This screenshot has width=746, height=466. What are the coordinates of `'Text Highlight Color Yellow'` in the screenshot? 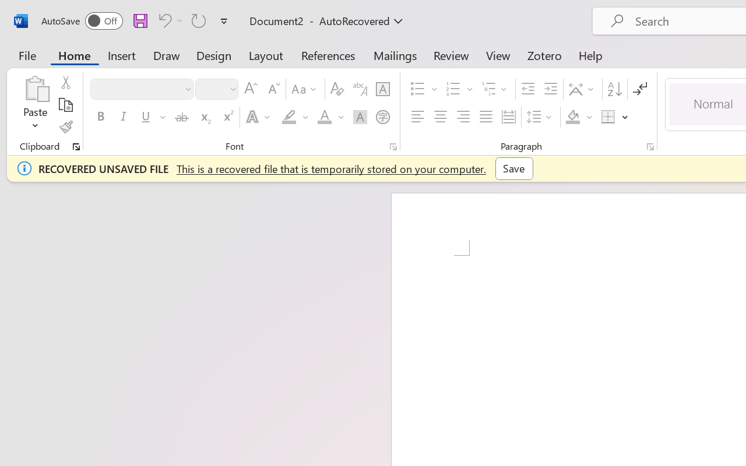 It's located at (289, 117).